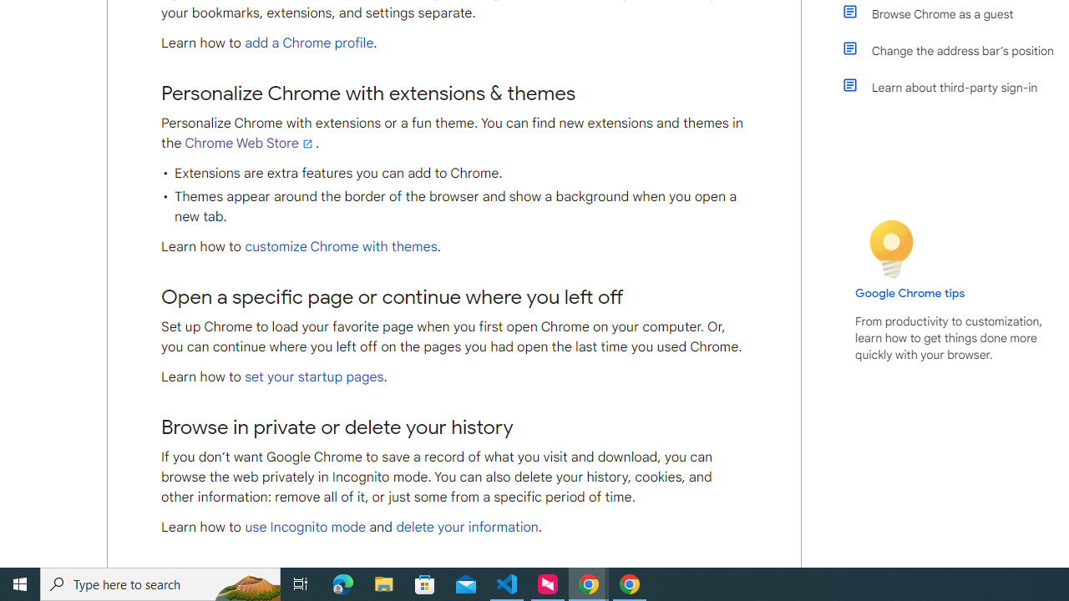 The image size is (1069, 601). What do you see at coordinates (249, 143) in the screenshot?
I see `'Chrome Web Store'` at bounding box center [249, 143].